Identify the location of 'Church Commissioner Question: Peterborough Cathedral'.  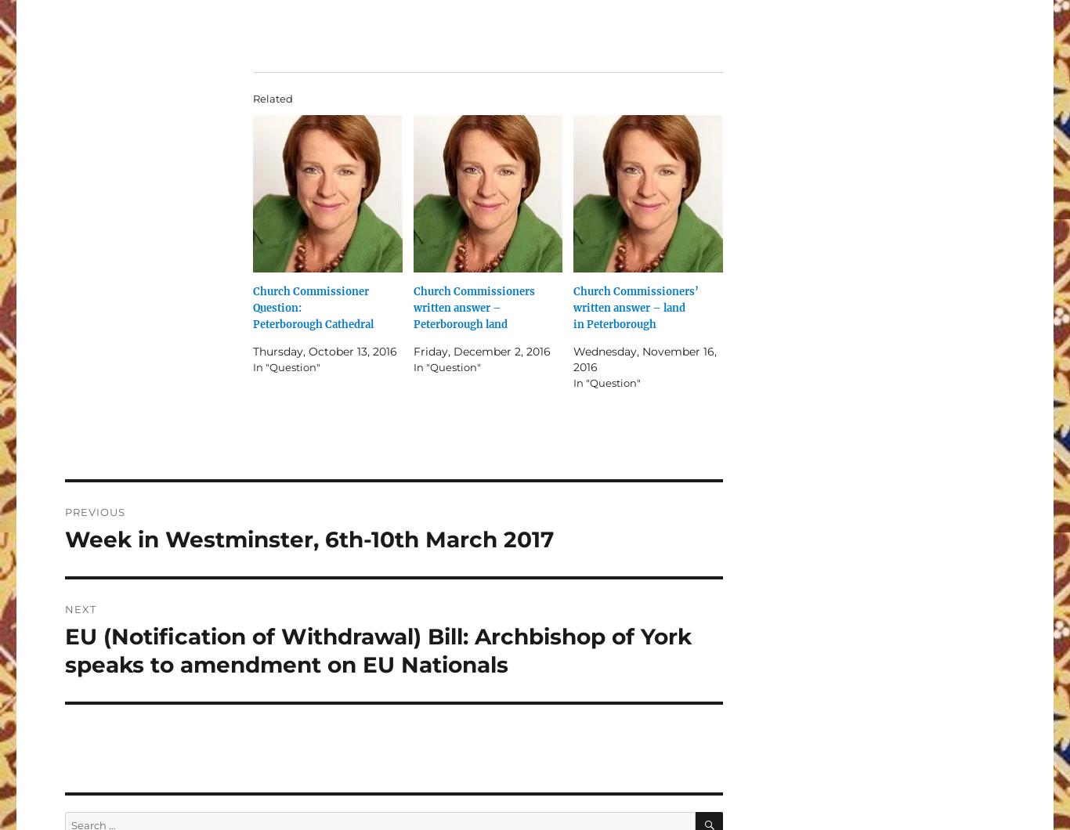
(312, 307).